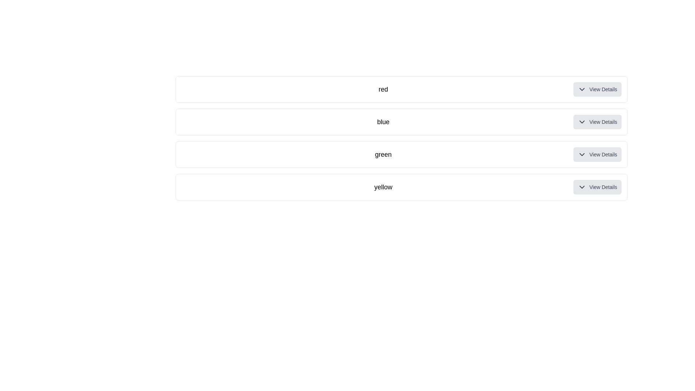 The image size is (695, 391). What do you see at coordinates (597, 121) in the screenshot?
I see `the 'View Details' button located on the right side of the row associated with the label 'blue' for keyboard navigation` at bounding box center [597, 121].